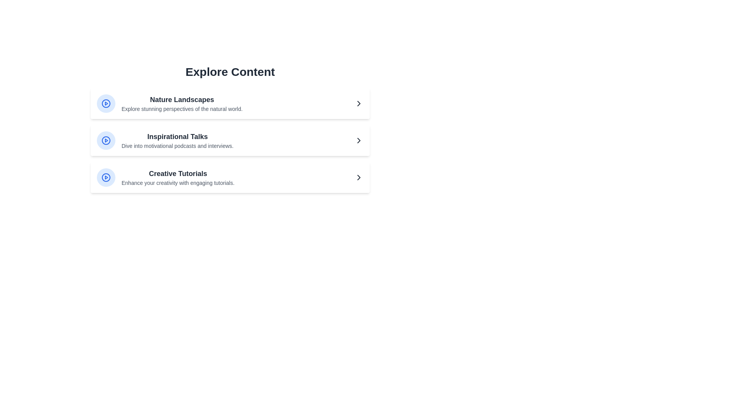  I want to click on the play button for the content item titled 'Nature Landscapes', so click(105, 103).